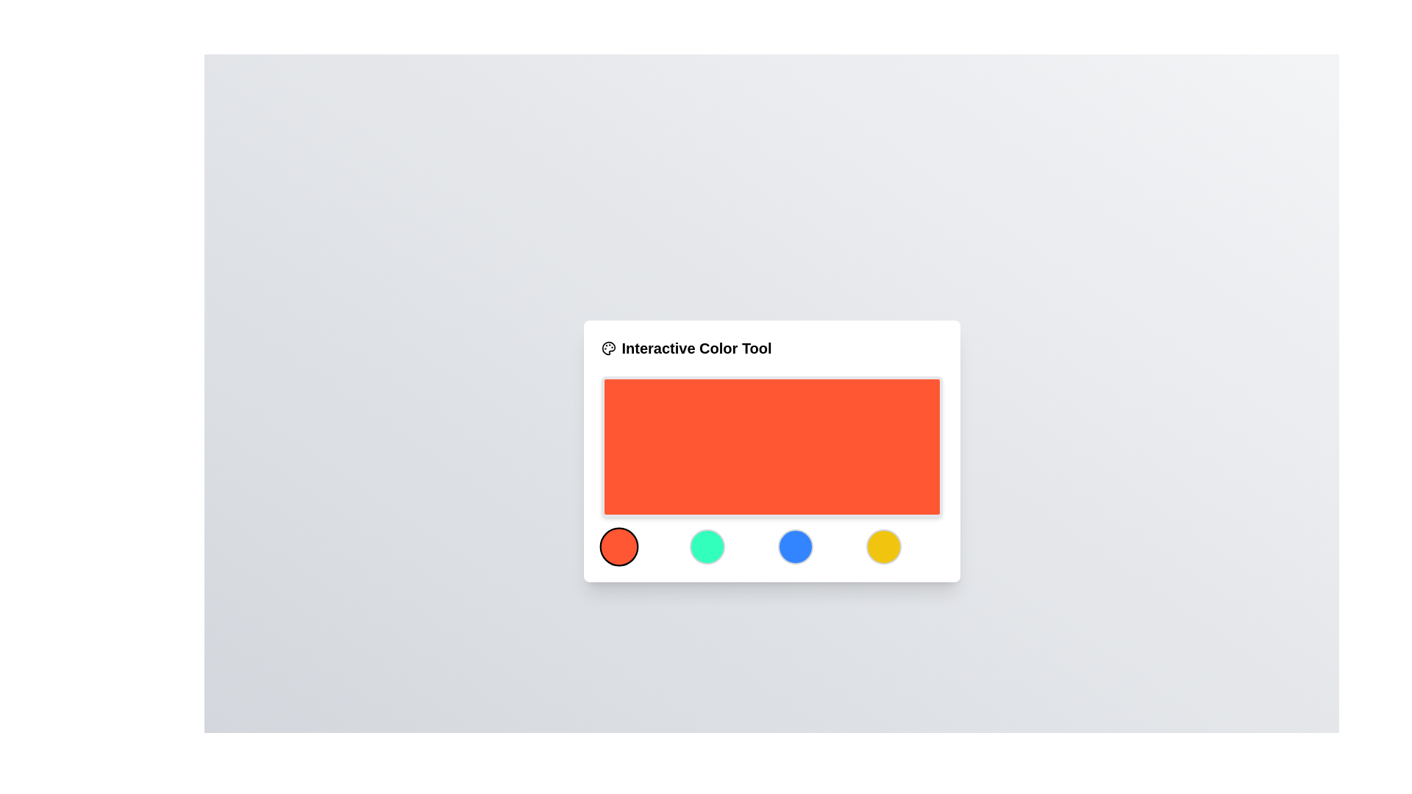 The image size is (1412, 794). Describe the element at coordinates (883, 547) in the screenshot. I see `the fourth circular button with a bright yellow fill and a gray border at the bottom of the 'Interactive Color Tool' card` at that location.